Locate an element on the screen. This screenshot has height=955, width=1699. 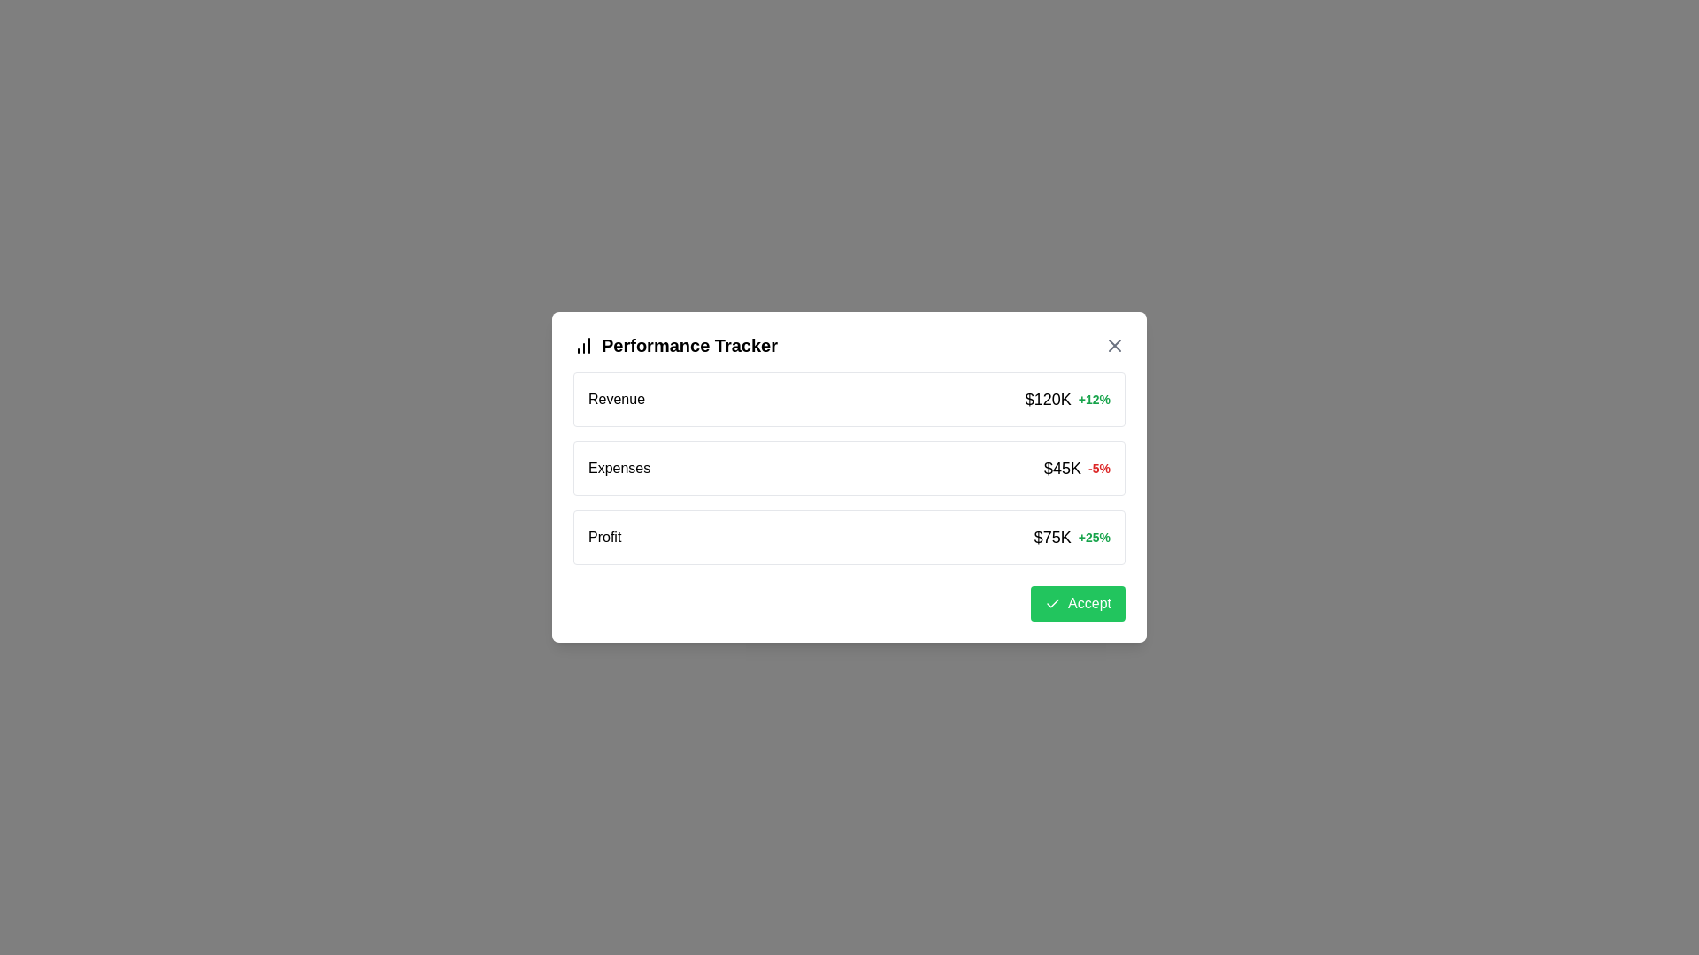
the 'Accept' button to confirm the performance is located at coordinates (1077, 602).